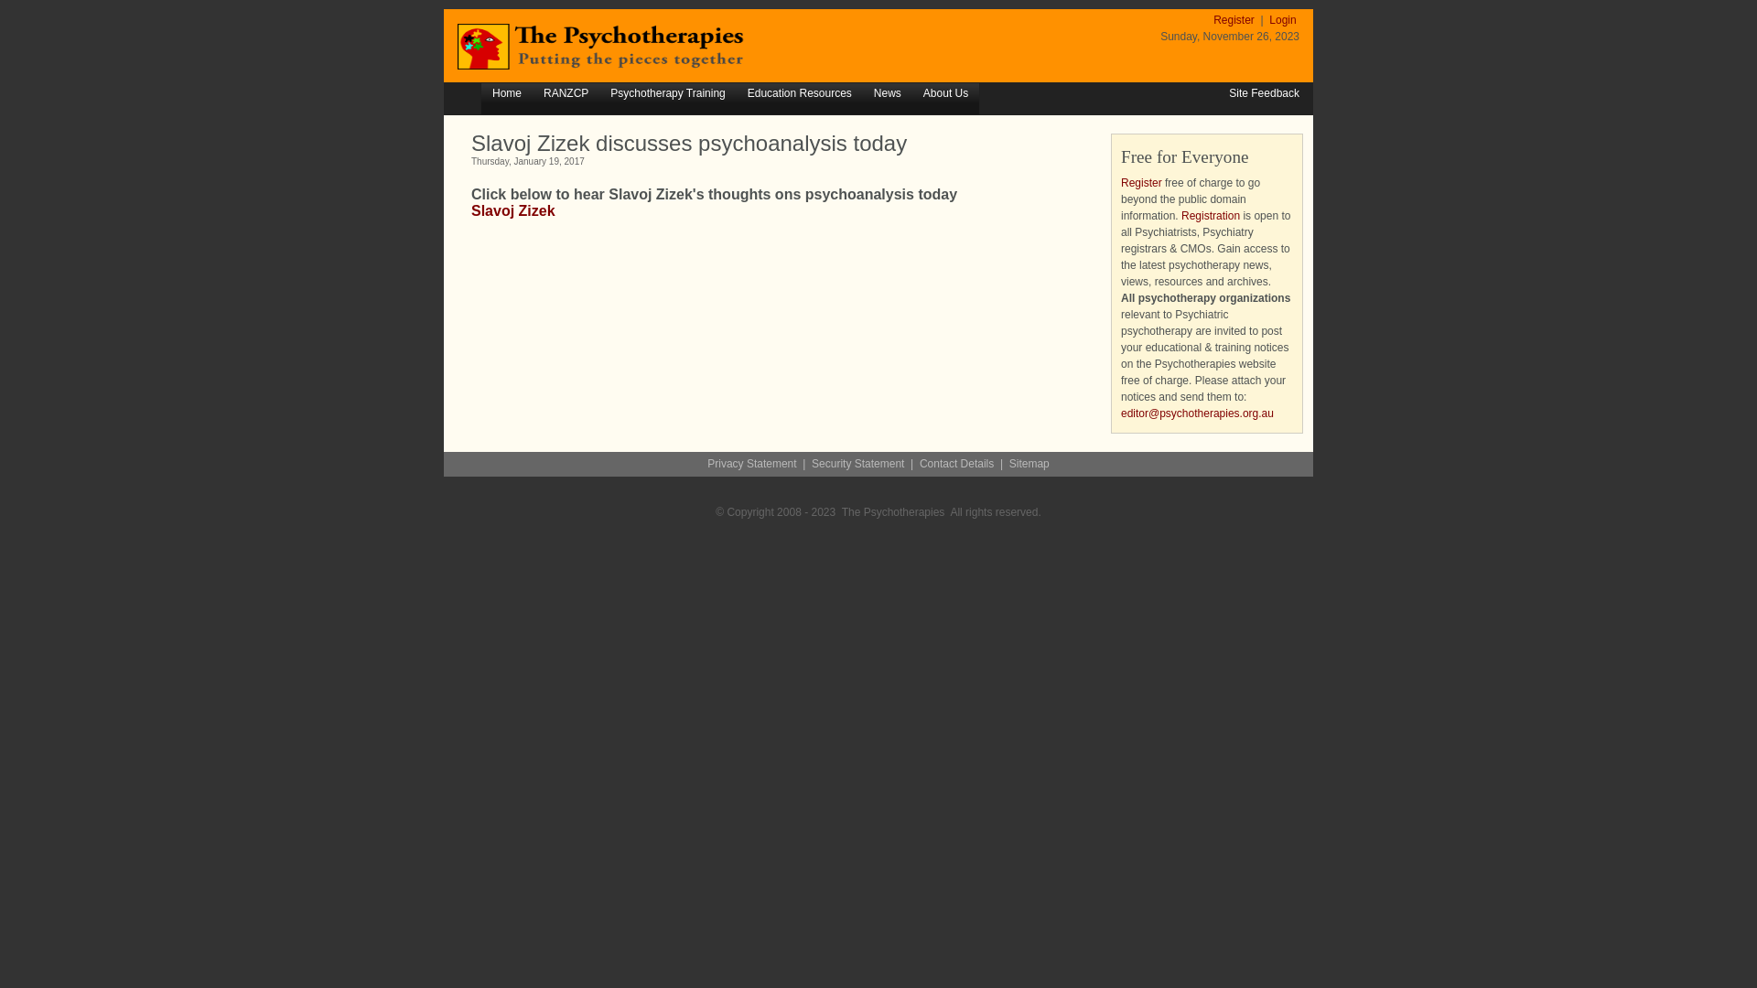 The height and width of the screenshot is (988, 1757). I want to click on 'Register', so click(1140, 183).